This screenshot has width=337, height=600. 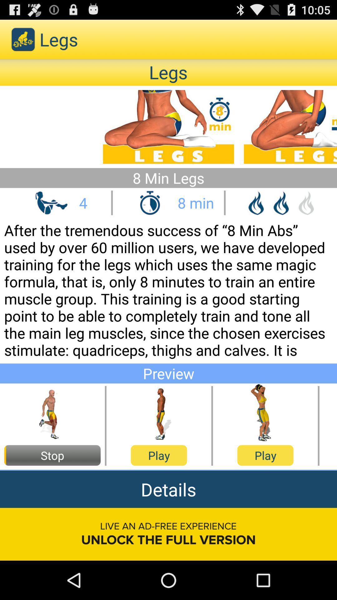 What do you see at coordinates (52, 413) in the screenshot?
I see `photo of exercise` at bounding box center [52, 413].